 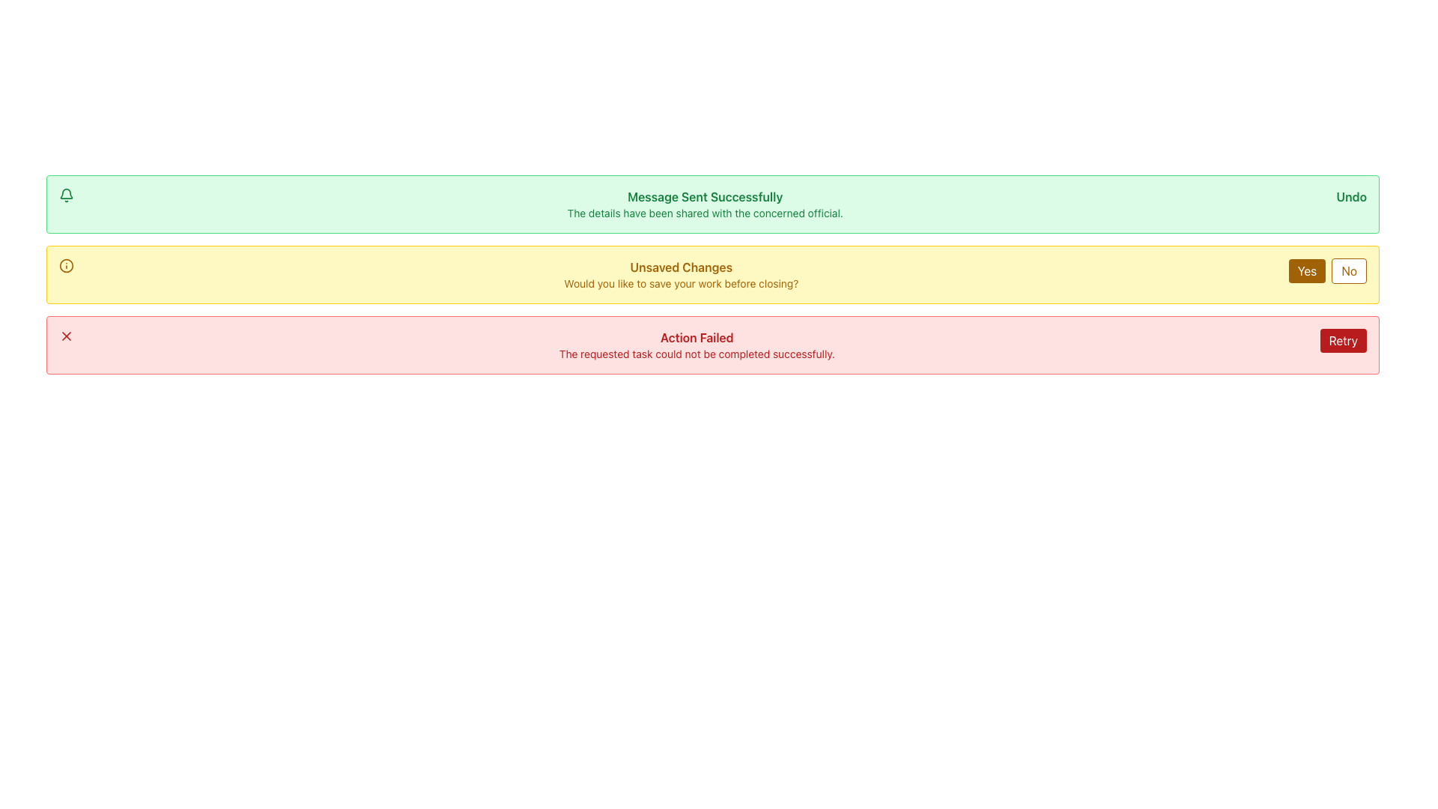 What do you see at coordinates (680, 274) in the screenshot?
I see `the text element that displays 'Unsaved Changes' and prompts 'Would you like to save your work before closing?' in a yellow notification area` at bounding box center [680, 274].